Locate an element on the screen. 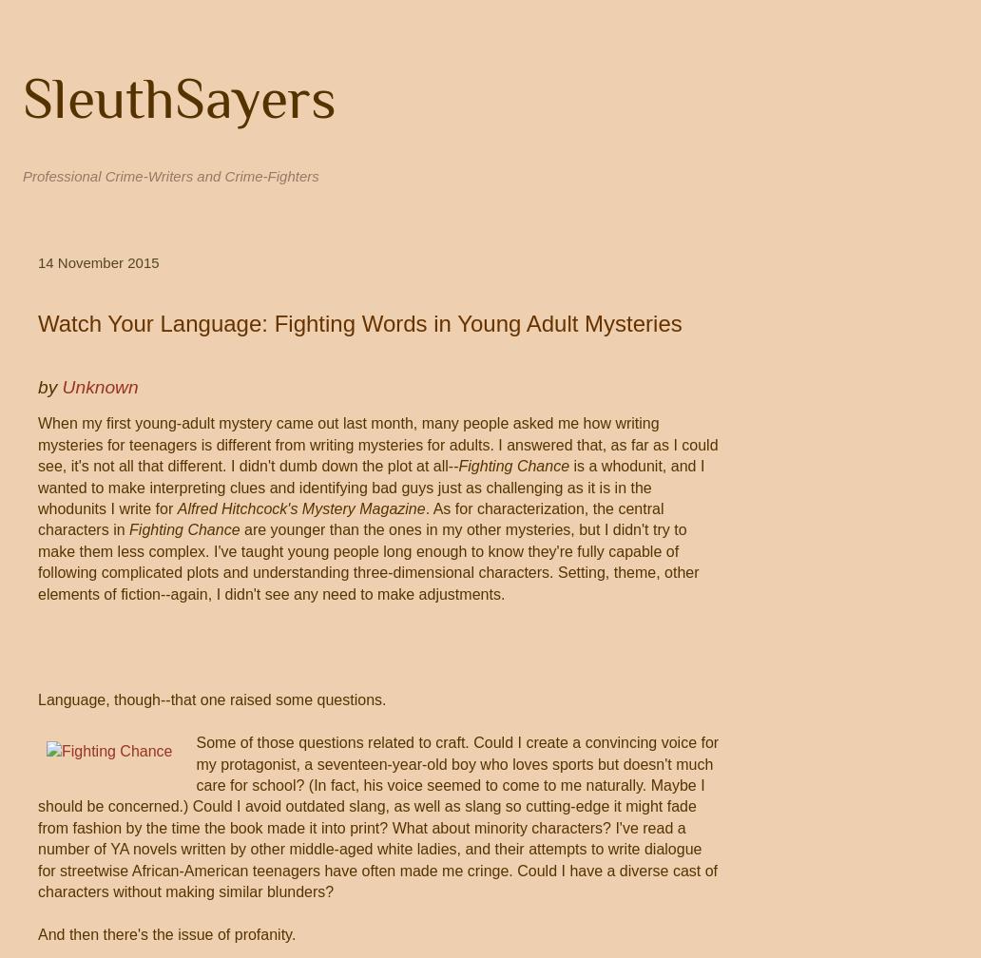 Image resolution: width=981 pixels, height=958 pixels. 'SleuthSayers' is located at coordinates (178, 98).